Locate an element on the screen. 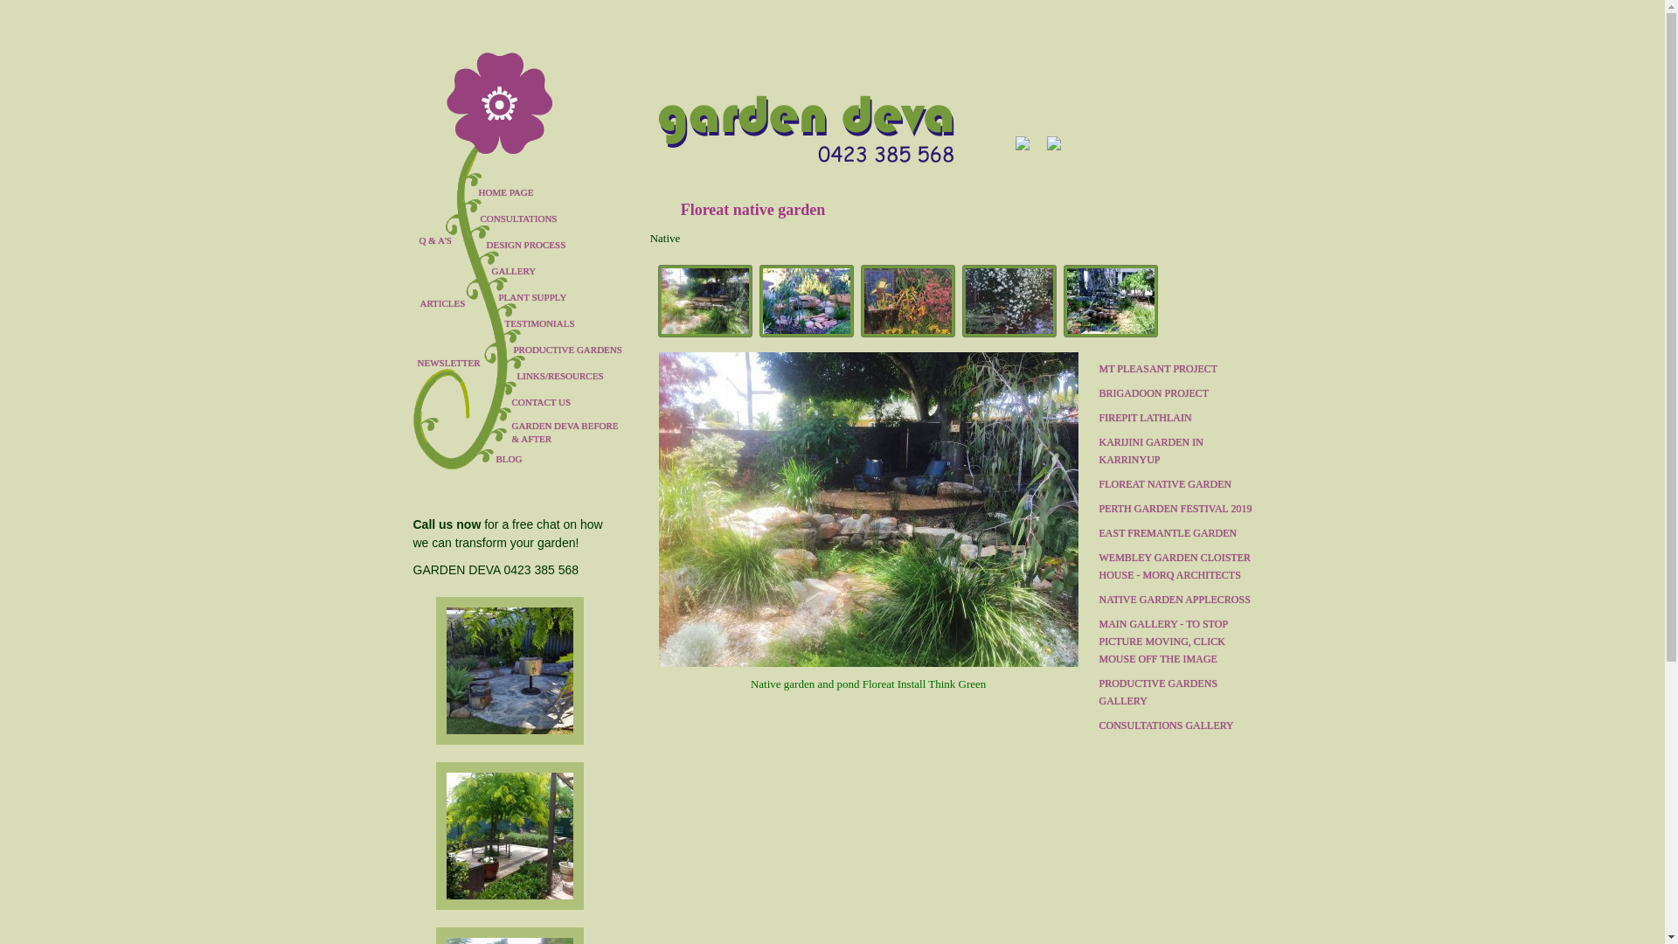 This screenshot has height=944, width=1678. 'NEWSLETTER' is located at coordinates (452, 362).